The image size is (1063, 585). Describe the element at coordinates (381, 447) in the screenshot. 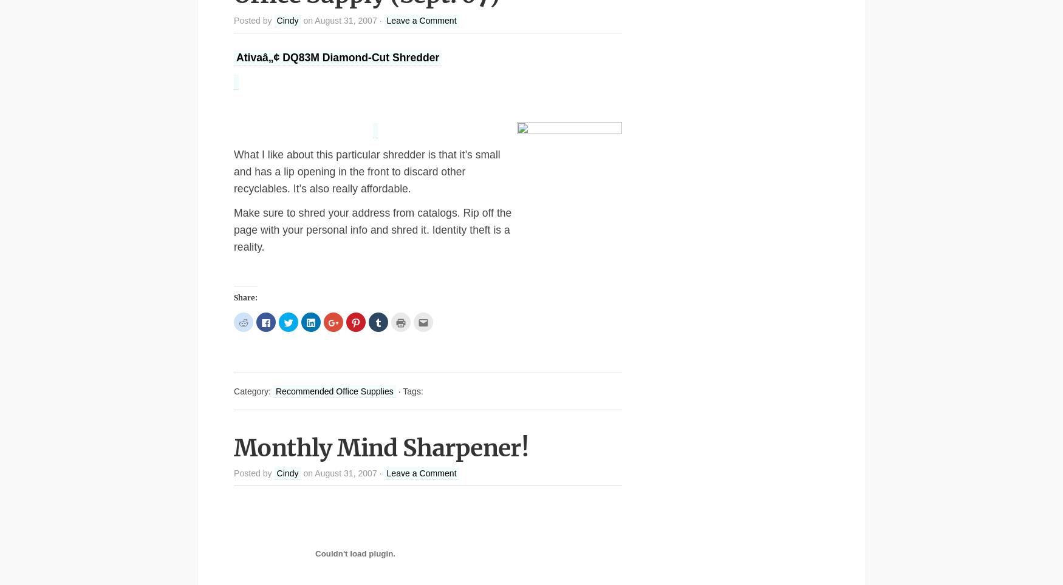

I see `'Monthly Mind Sharpener!'` at that location.